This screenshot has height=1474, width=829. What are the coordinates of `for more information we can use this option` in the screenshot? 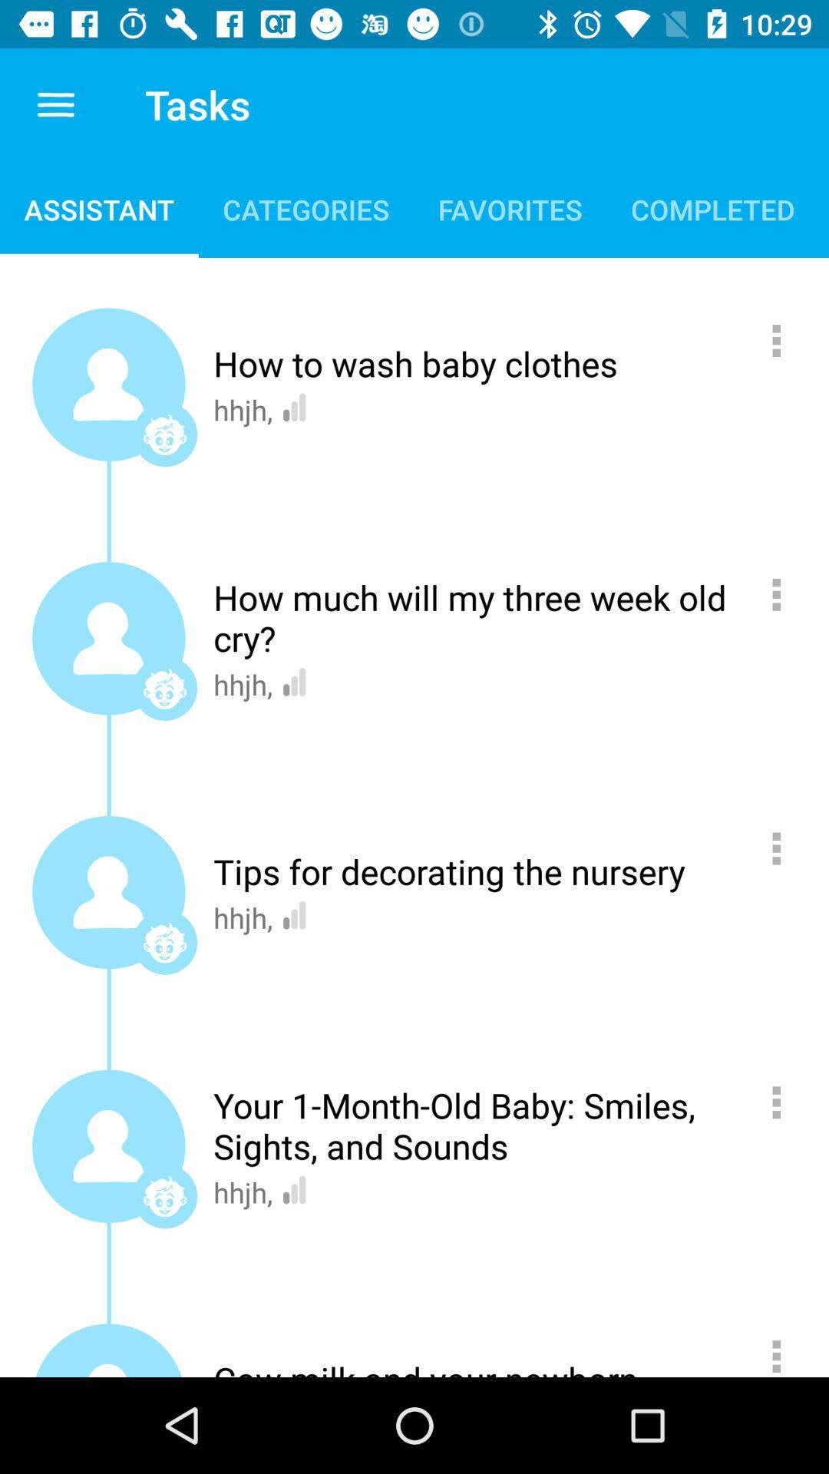 It's located at (784, 1102).